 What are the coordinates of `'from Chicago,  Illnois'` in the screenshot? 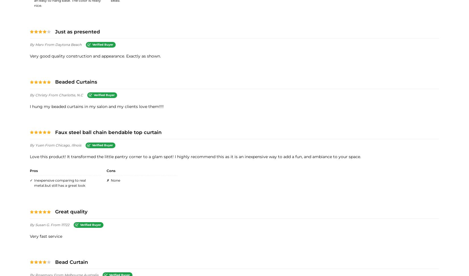 It's located at (45, 145).